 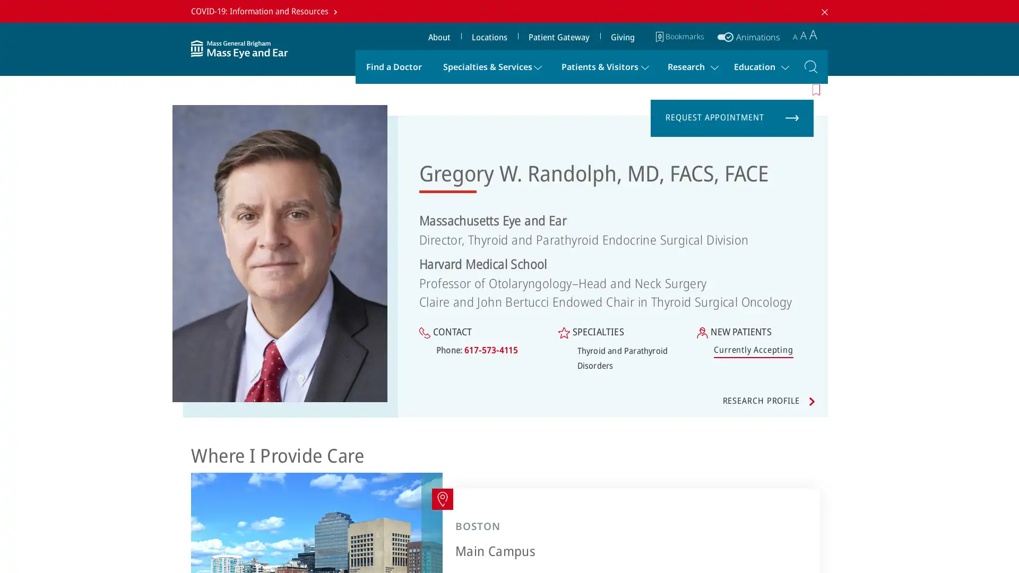 What do you see at coordinates (491, 66) in the screenshot?
I see `Specialties & Services` at bounding box center [491, 66].